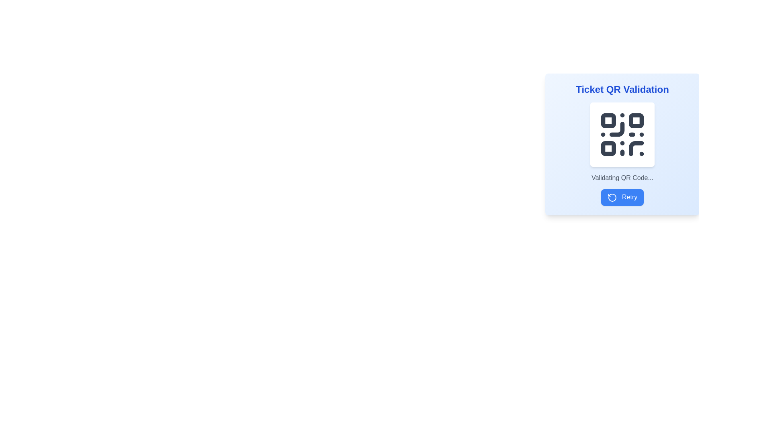 The height and width of the screenshot is (434, 772). I want to click on the QR code element, which is a graphics representation (SVG) used for validation, located above the text 'Validating QR Code...' and the 'Retry' button, so click(622, 134).